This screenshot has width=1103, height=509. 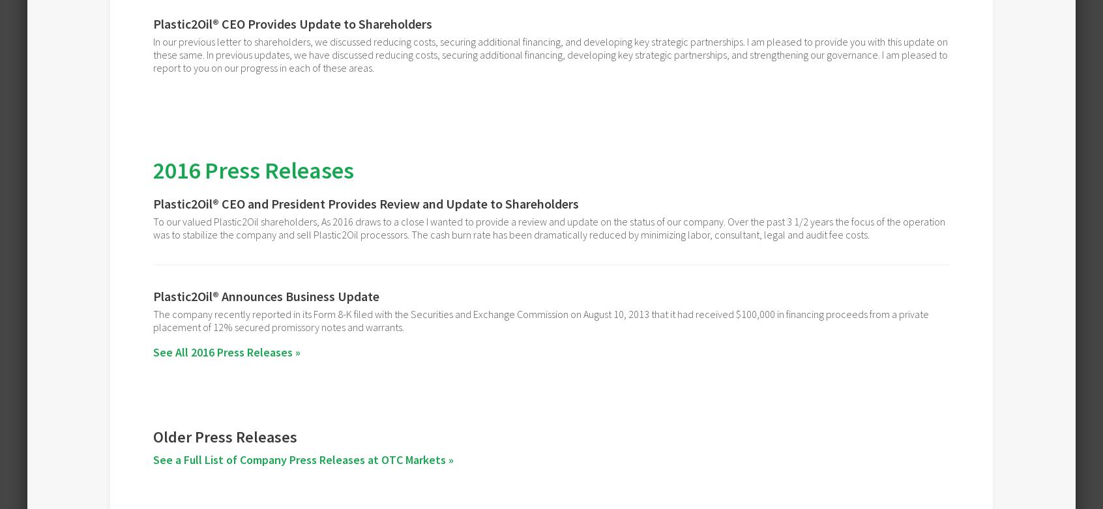 What do you see at coordinates (253, 170) in the screenshot?
I see `'2016 Press Releases'` at bounding box center [253, 170].